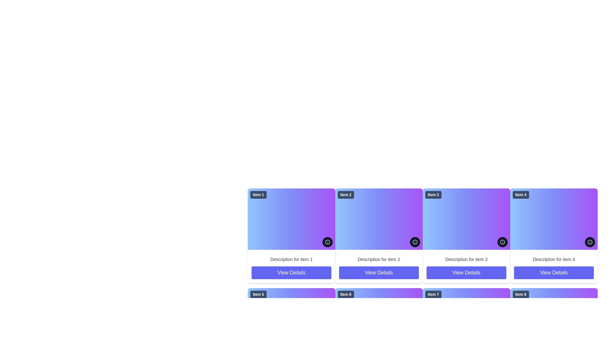 This screenshot has width=613, height=345. I want to click on the text label that describes the fourth item, which is positioned above the purple 'View Details' button in the card, so click(553, 259).